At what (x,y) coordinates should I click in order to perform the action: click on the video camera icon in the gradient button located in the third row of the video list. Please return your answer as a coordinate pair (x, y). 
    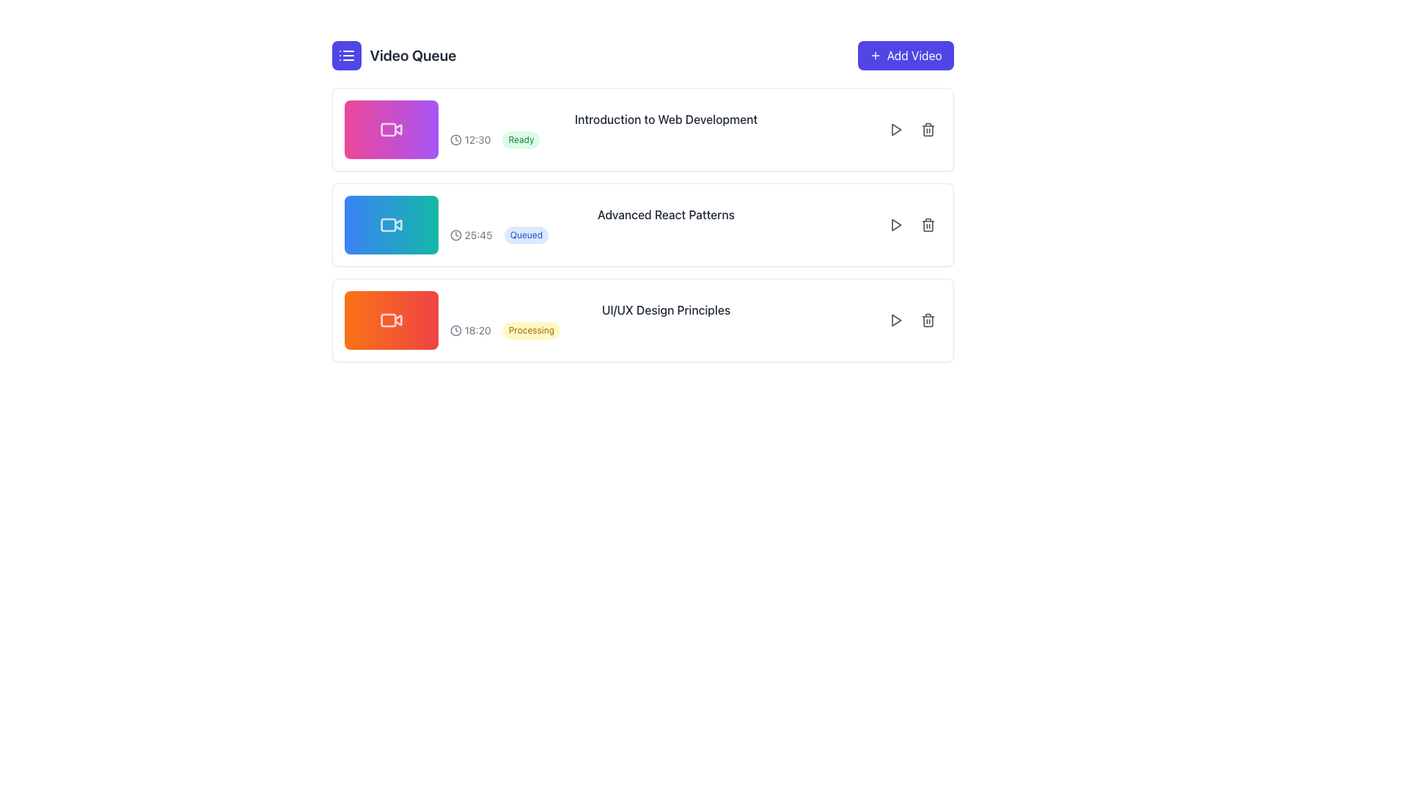
    Looking at the image, I should click on (391, 319).